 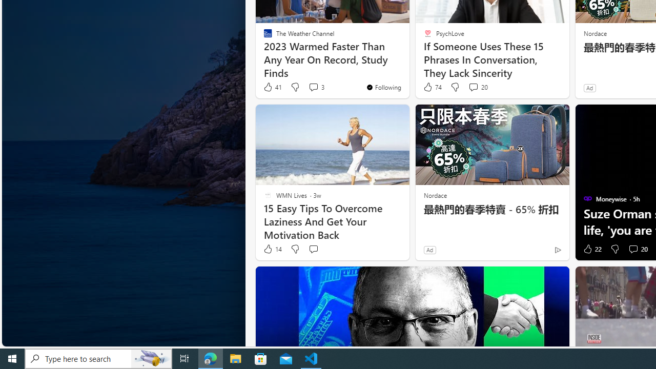 I want to click on '74 Like', so click(x=432, y=87).